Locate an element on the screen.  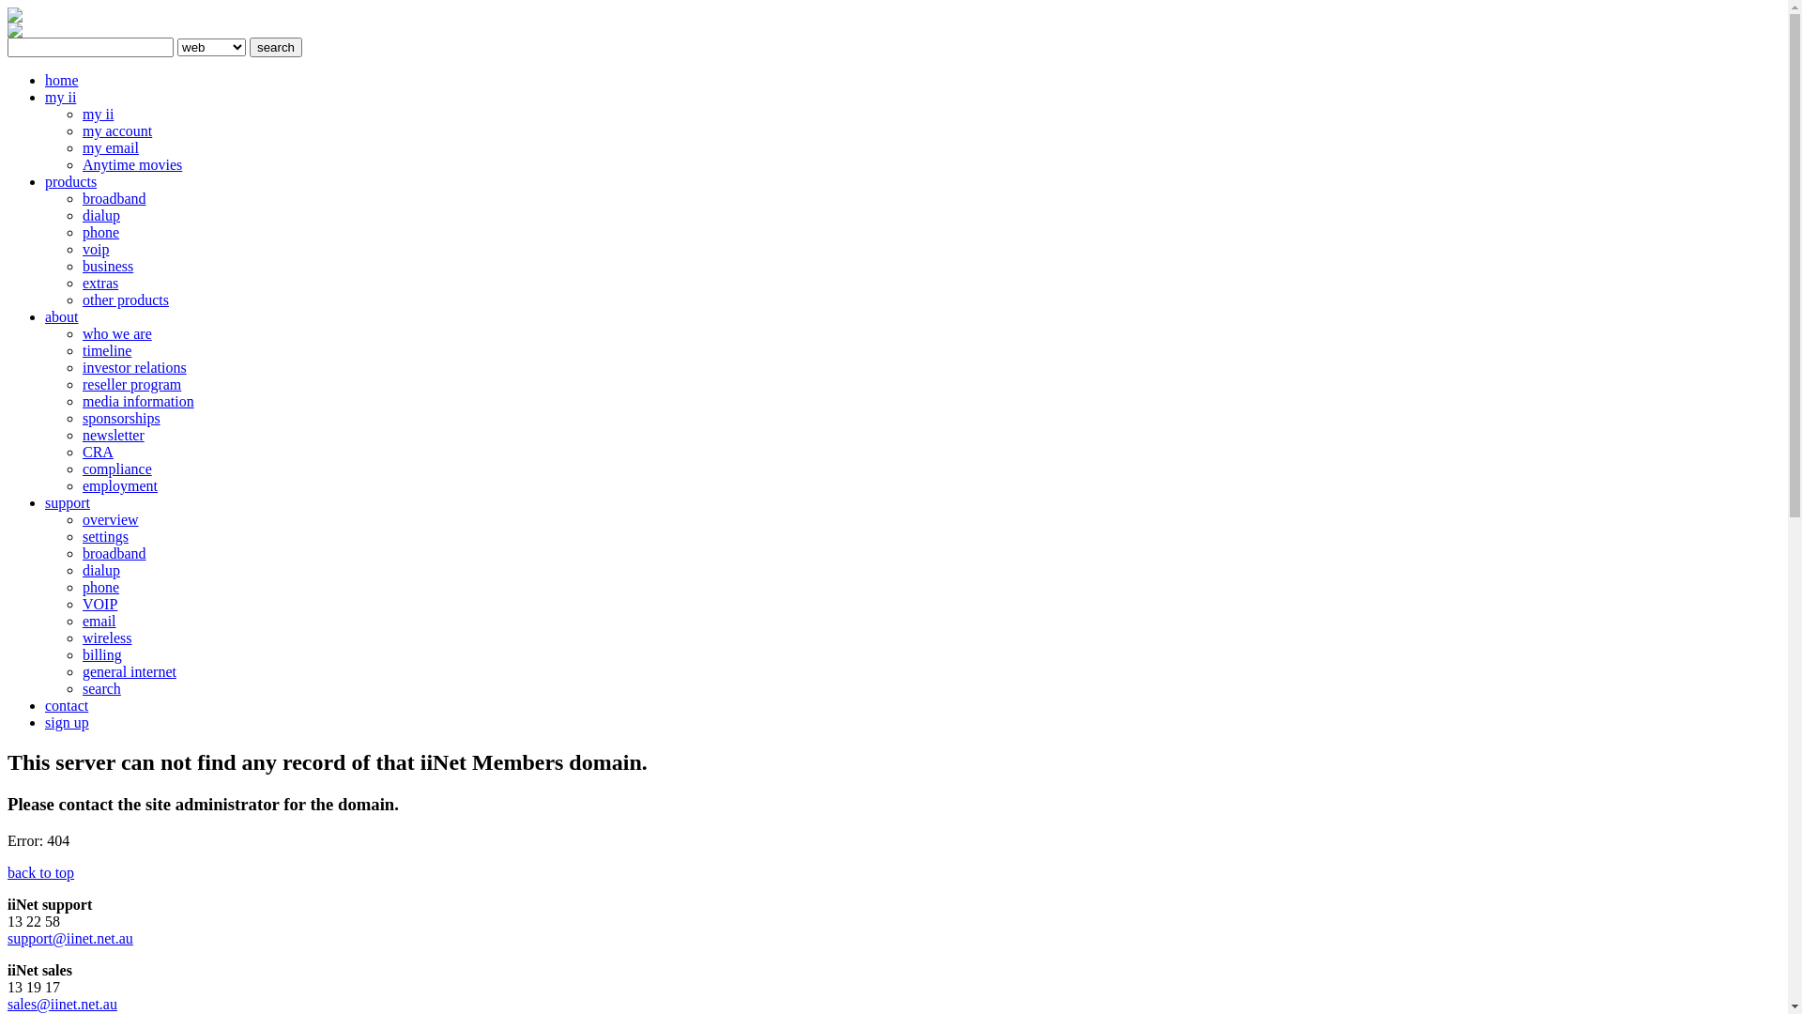
'CRA' is located at coordinates (81, 452).